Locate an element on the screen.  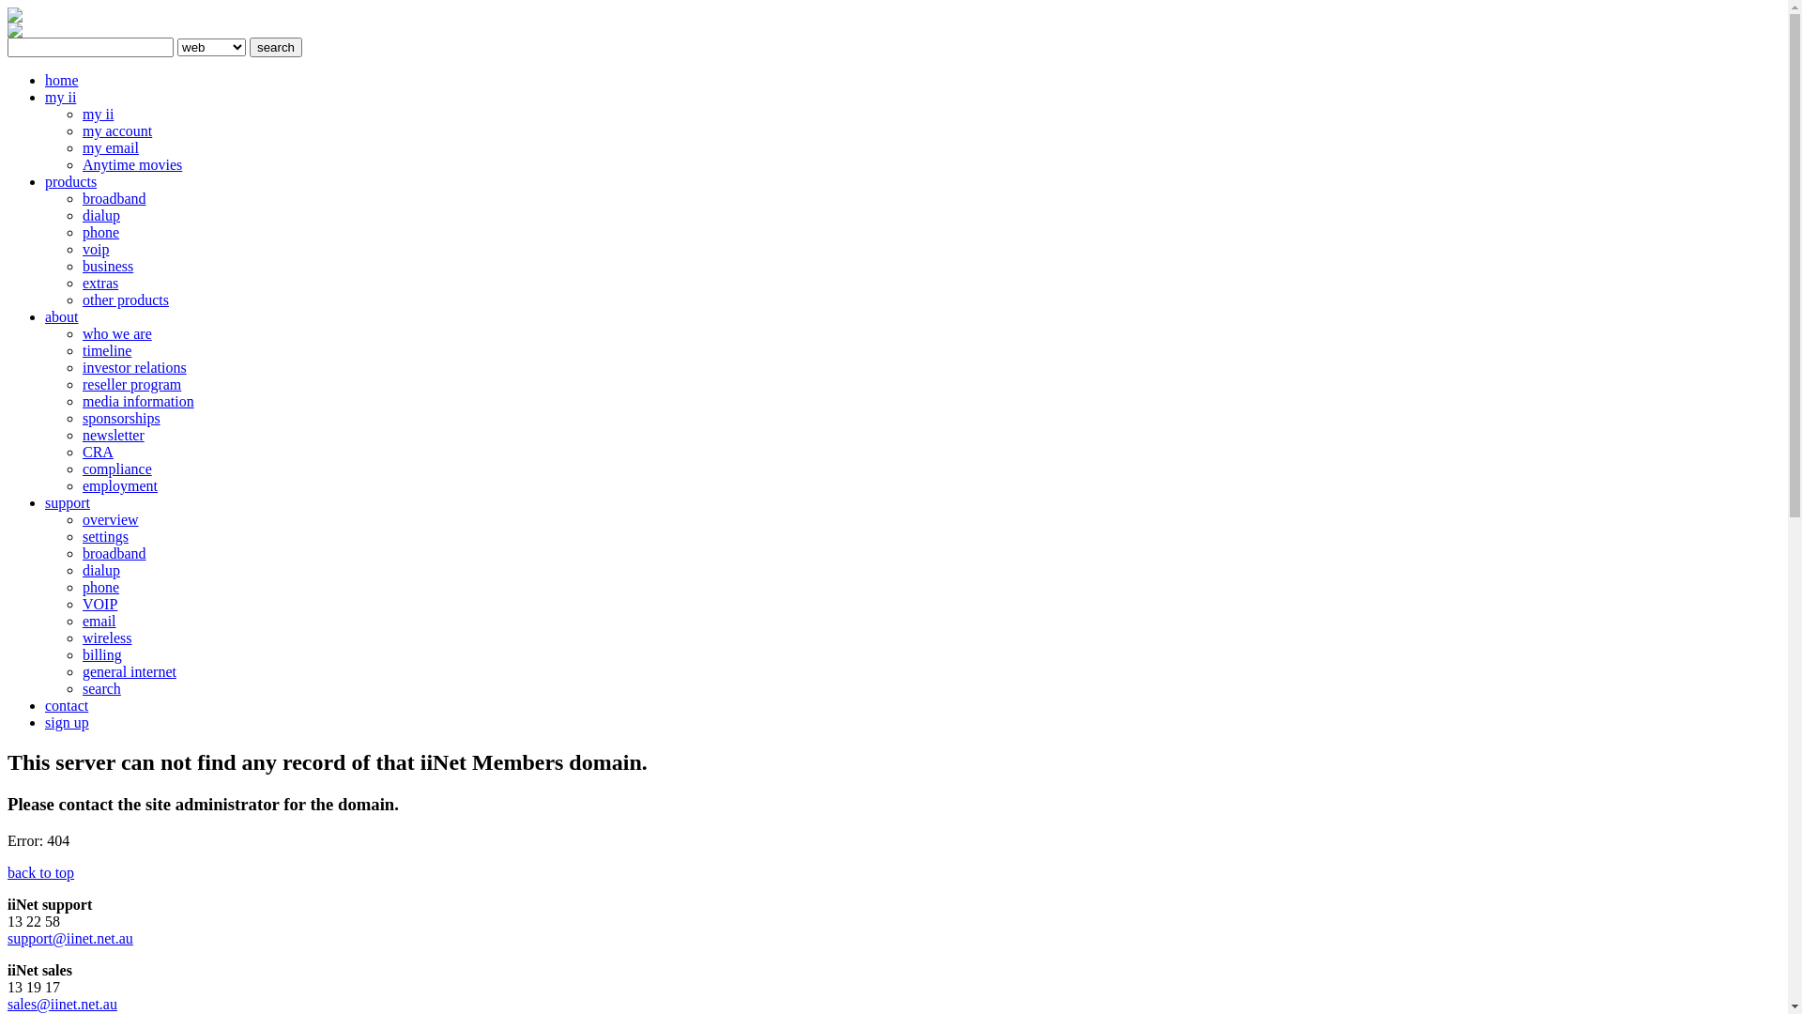
'CRA' is located at coordinates (81, 452).